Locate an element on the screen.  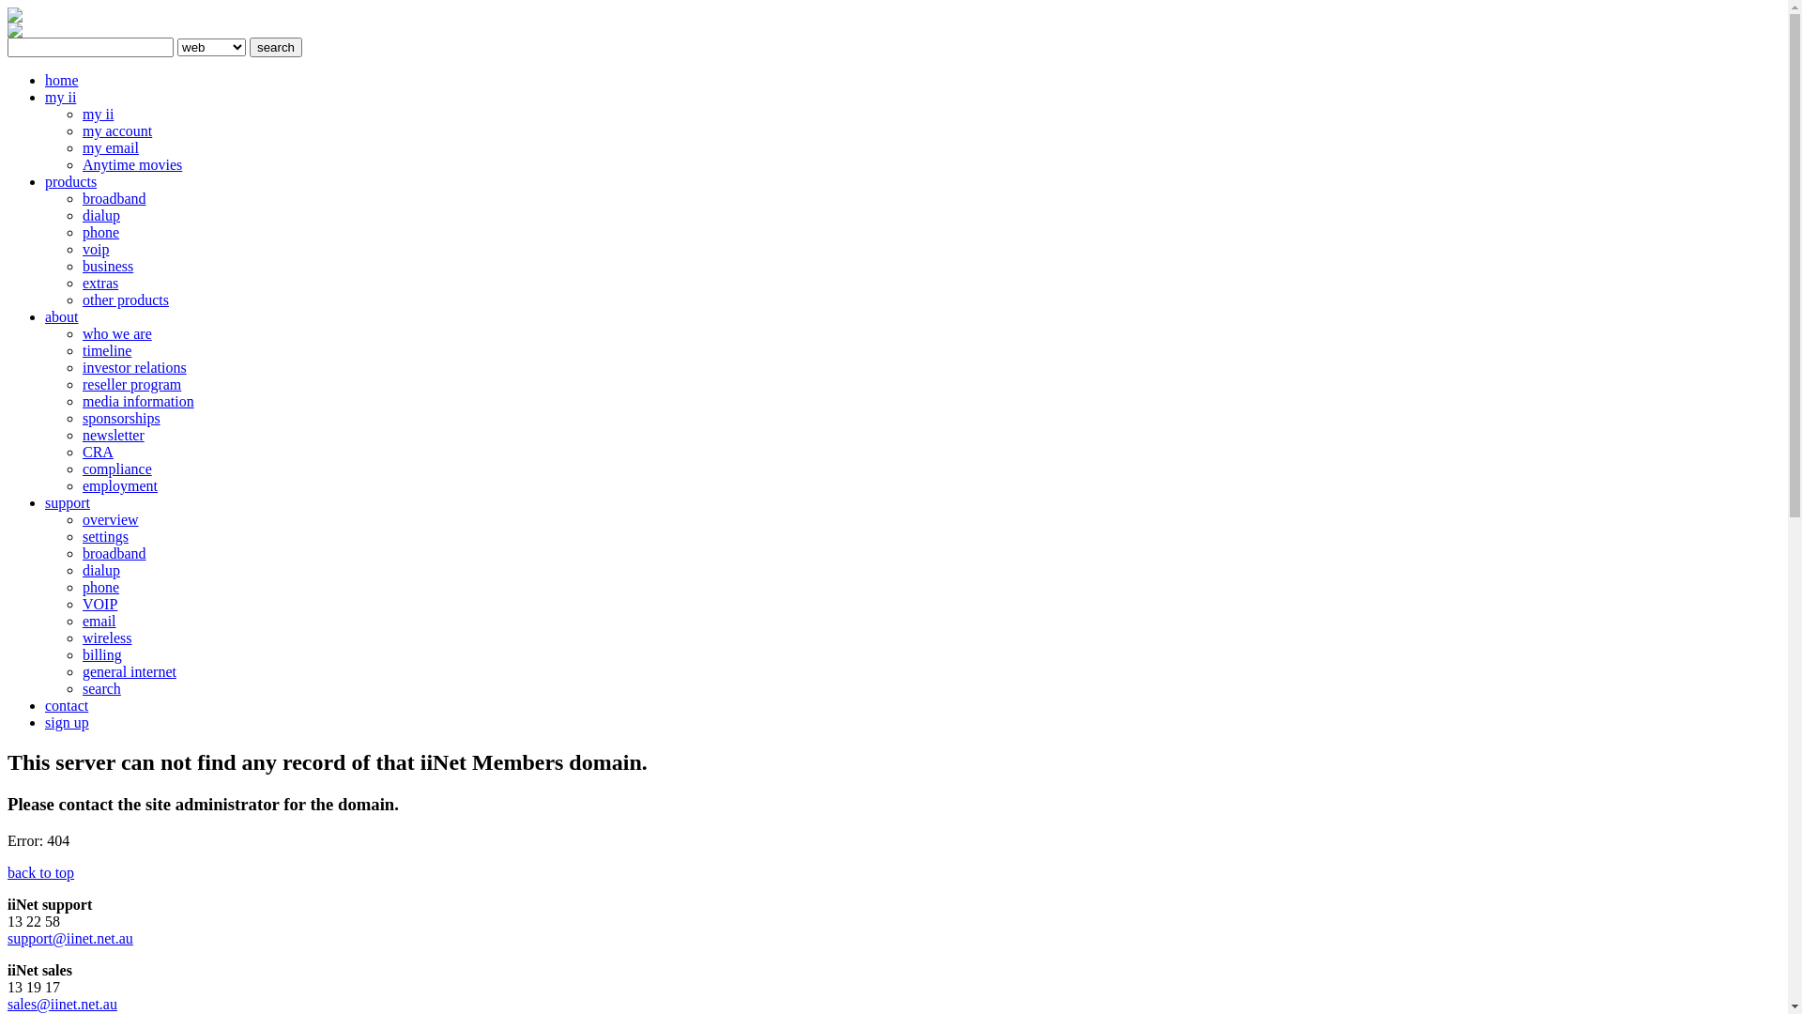
'CRA' is located at coordinates (81, 452).